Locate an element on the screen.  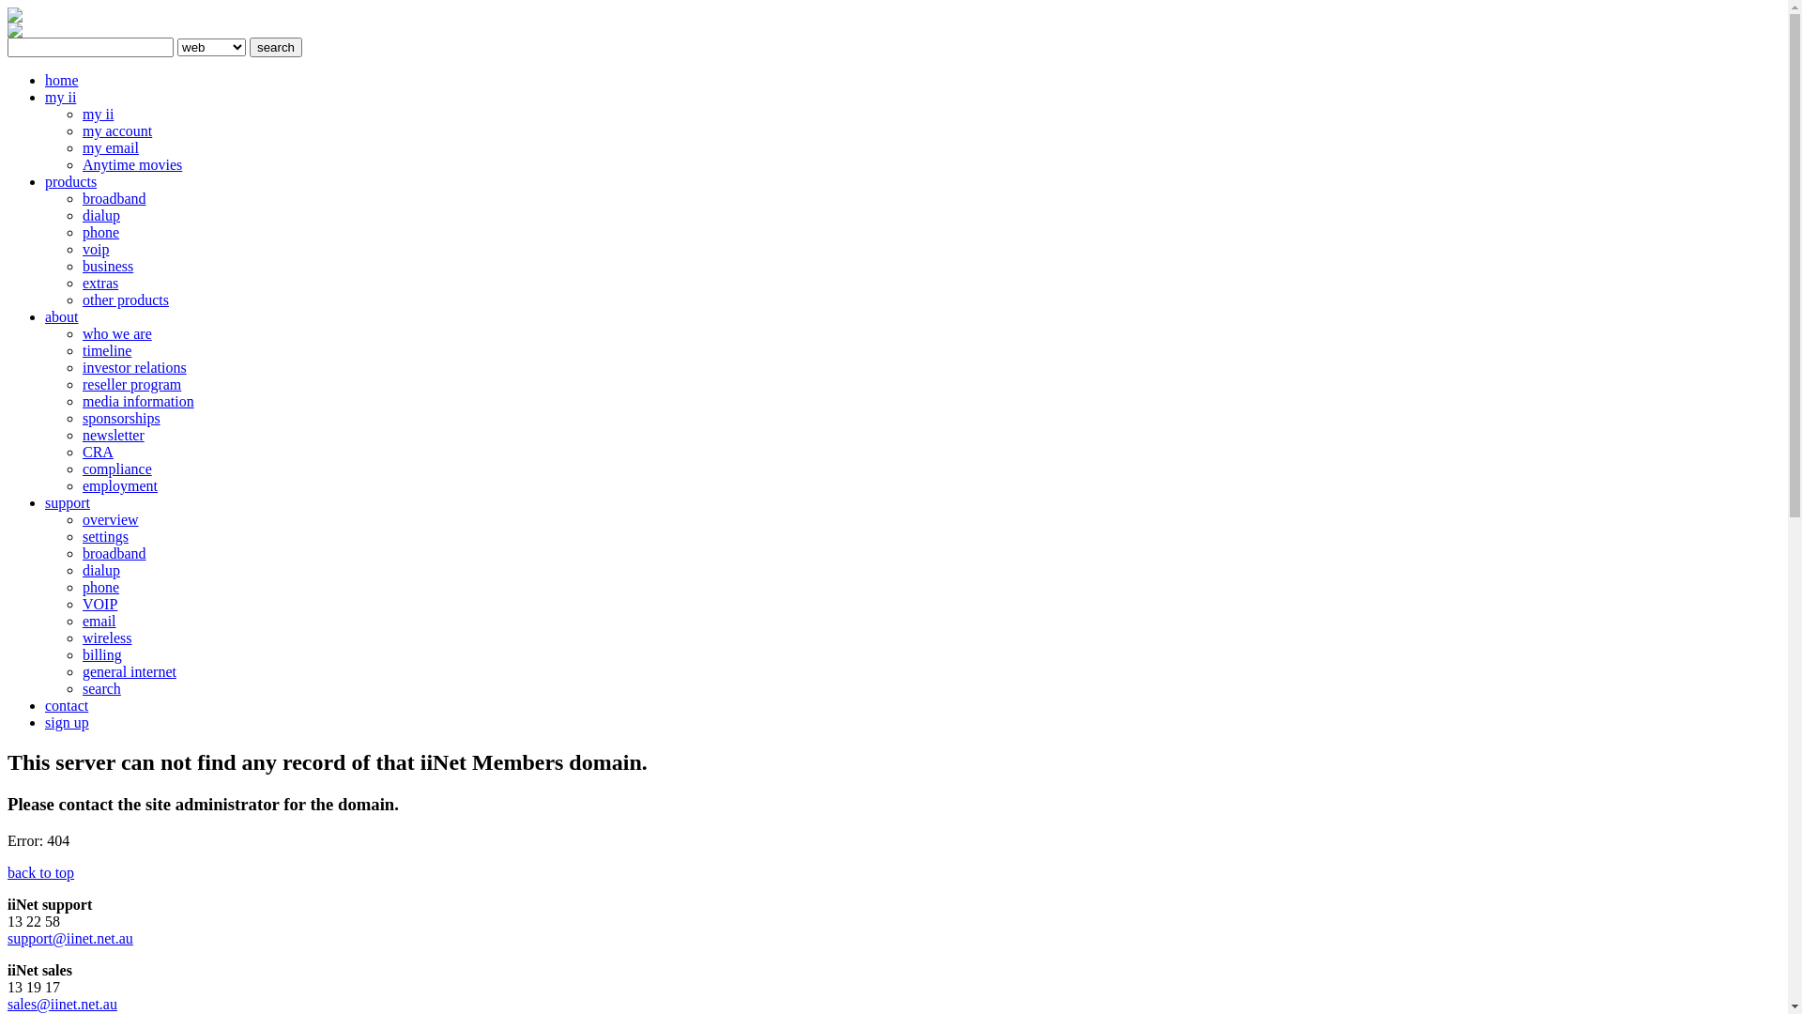
'CRA' is located at coordinates (81, 452).